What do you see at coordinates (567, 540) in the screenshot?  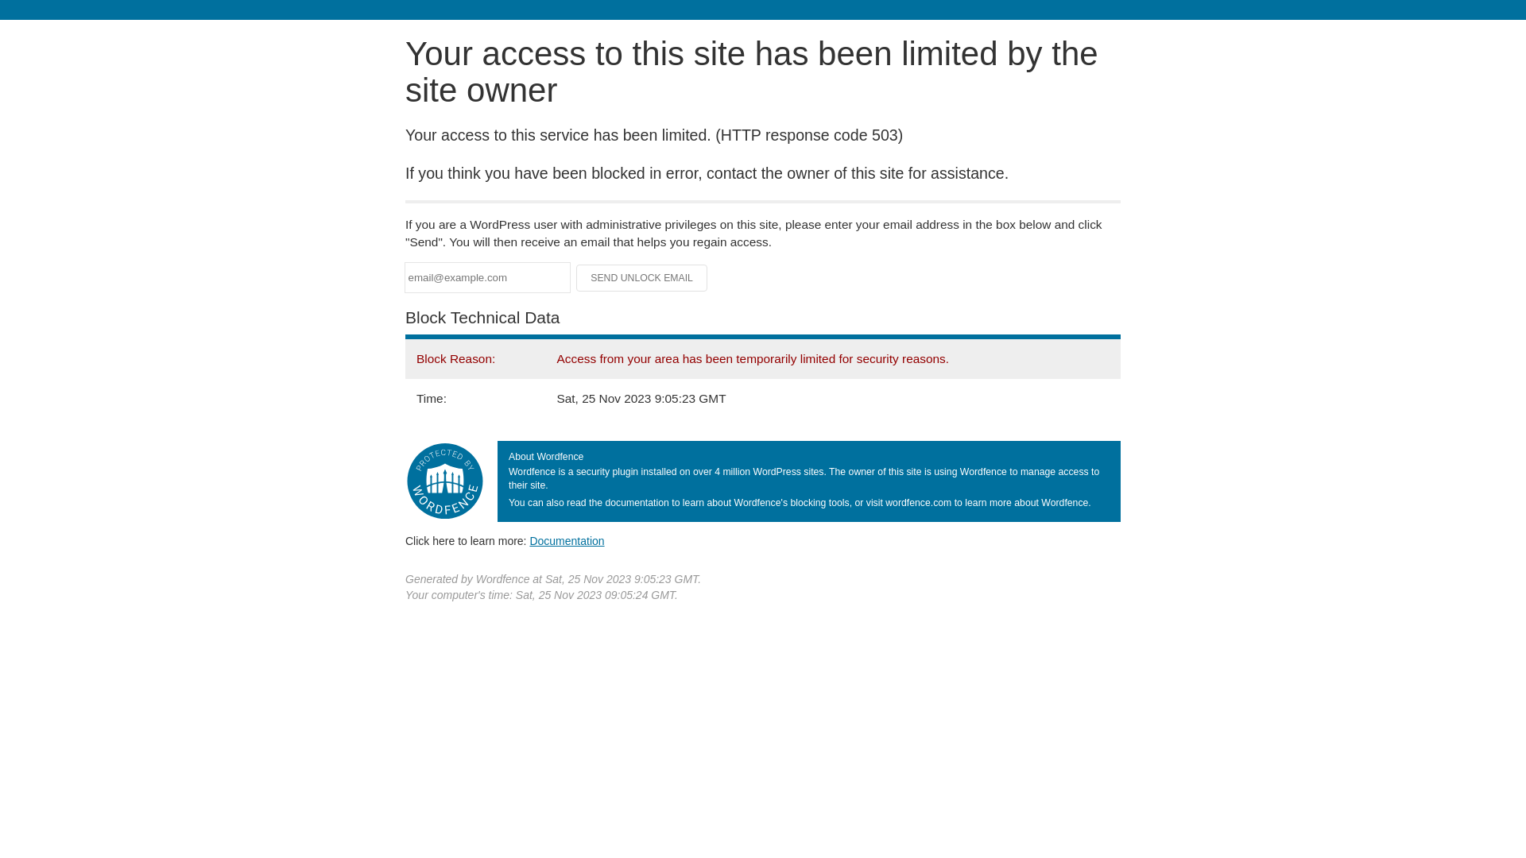 I see `'Documentation'` at bounding box center [567, 540].